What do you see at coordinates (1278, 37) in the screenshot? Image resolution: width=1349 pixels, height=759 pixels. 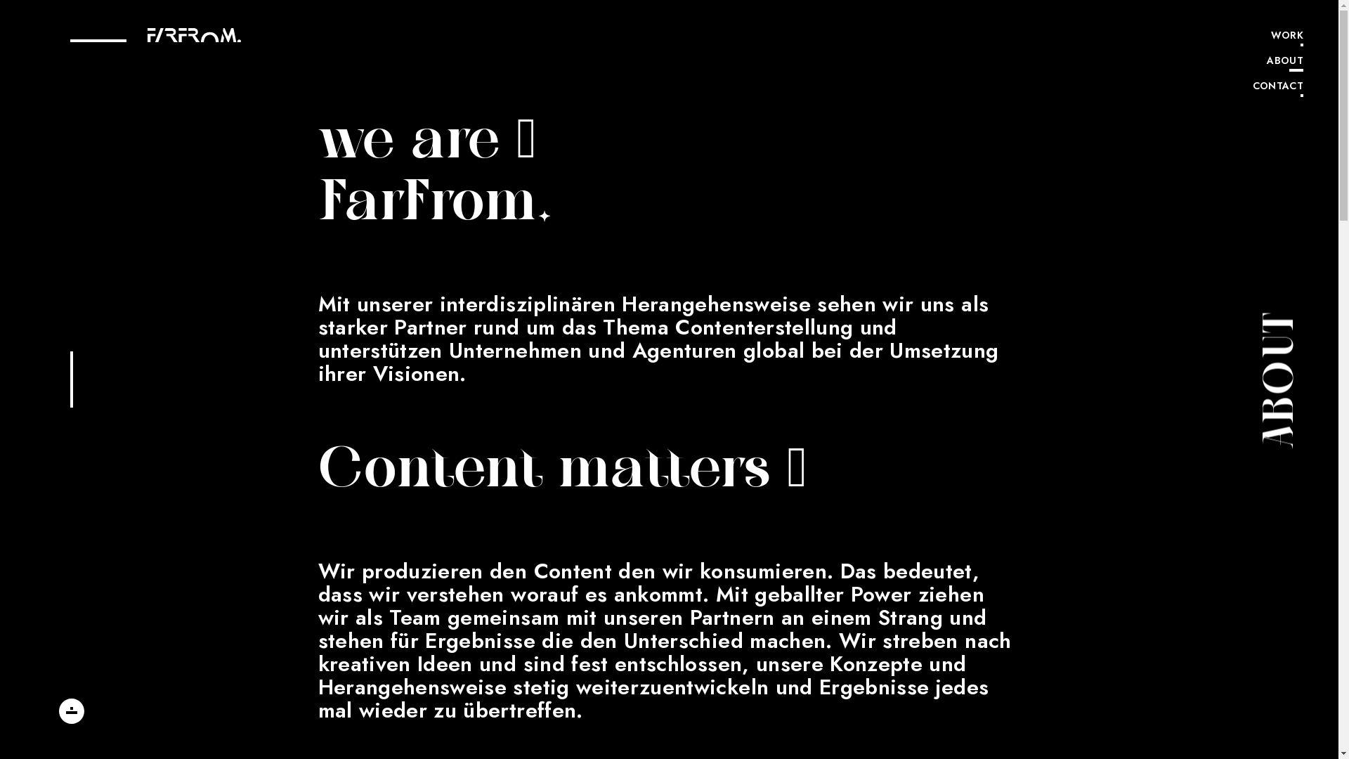 I see `'WORK'` at bounding box center [1278, 37].